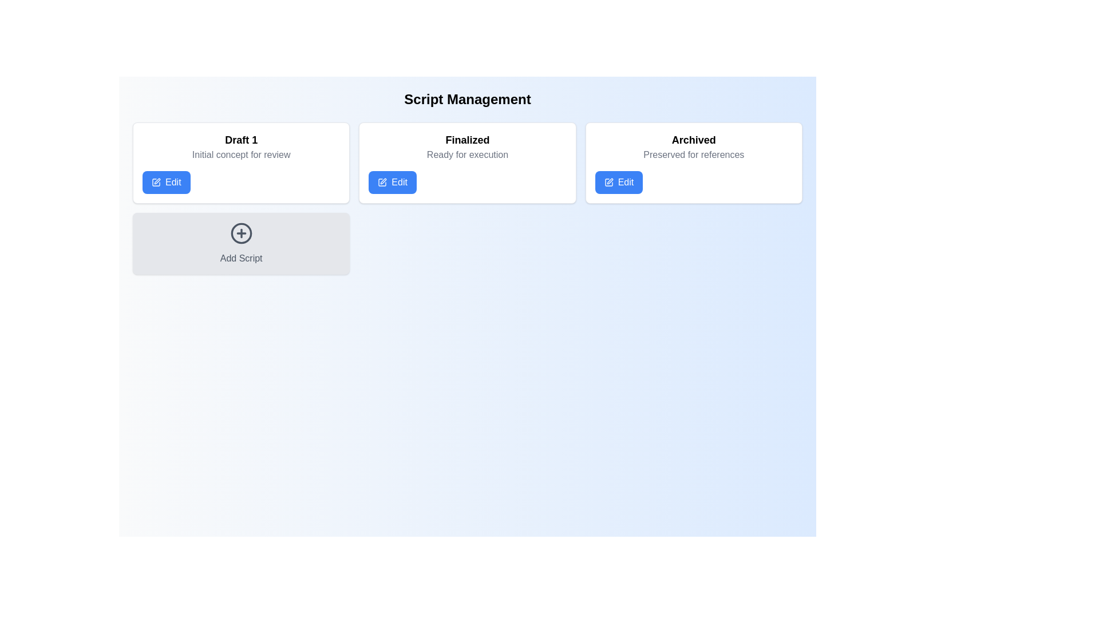 Image resolution: width=1099 pixels, height=618 pixels. What do you see at coordinates (240, 243) in the screenshot?
I see `the 'Add Script' button, which has a light gray background, rounded corners, a centered circular outline with a plus icon, and the label underneath` at bounding box center [240, 243].